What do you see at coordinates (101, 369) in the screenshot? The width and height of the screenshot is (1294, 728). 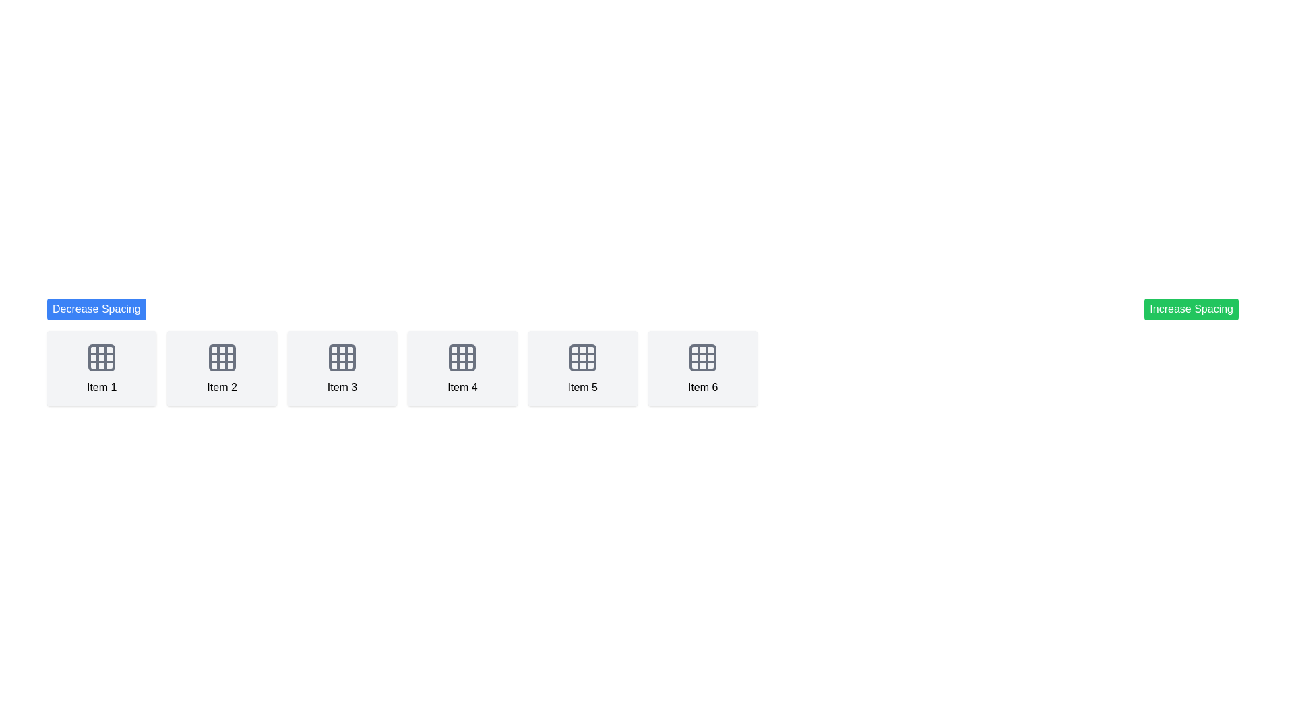 I see `the first item in the grid layout that represents 'Item 1' which is a Card-like interactive component located at the top-left corner` at bounding box center [101, 369].